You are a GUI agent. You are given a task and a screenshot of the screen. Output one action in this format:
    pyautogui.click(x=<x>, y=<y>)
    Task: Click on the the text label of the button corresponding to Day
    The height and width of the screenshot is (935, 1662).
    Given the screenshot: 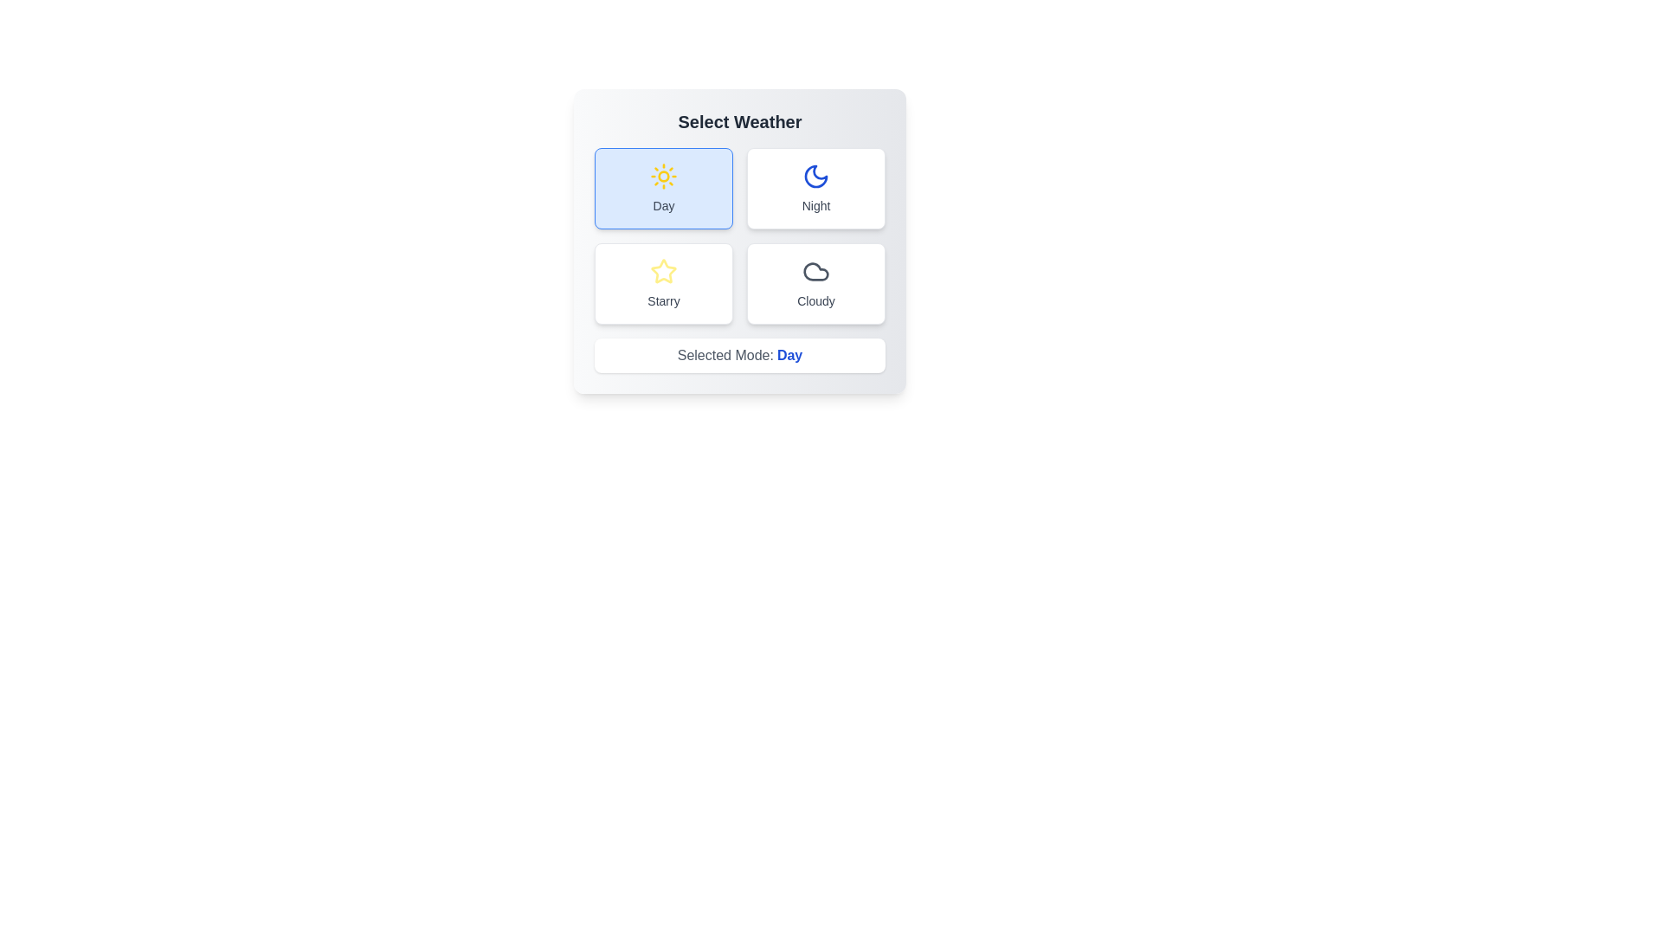 What is the action you would take?
    pyautogui.click(x=663, y=205)
    